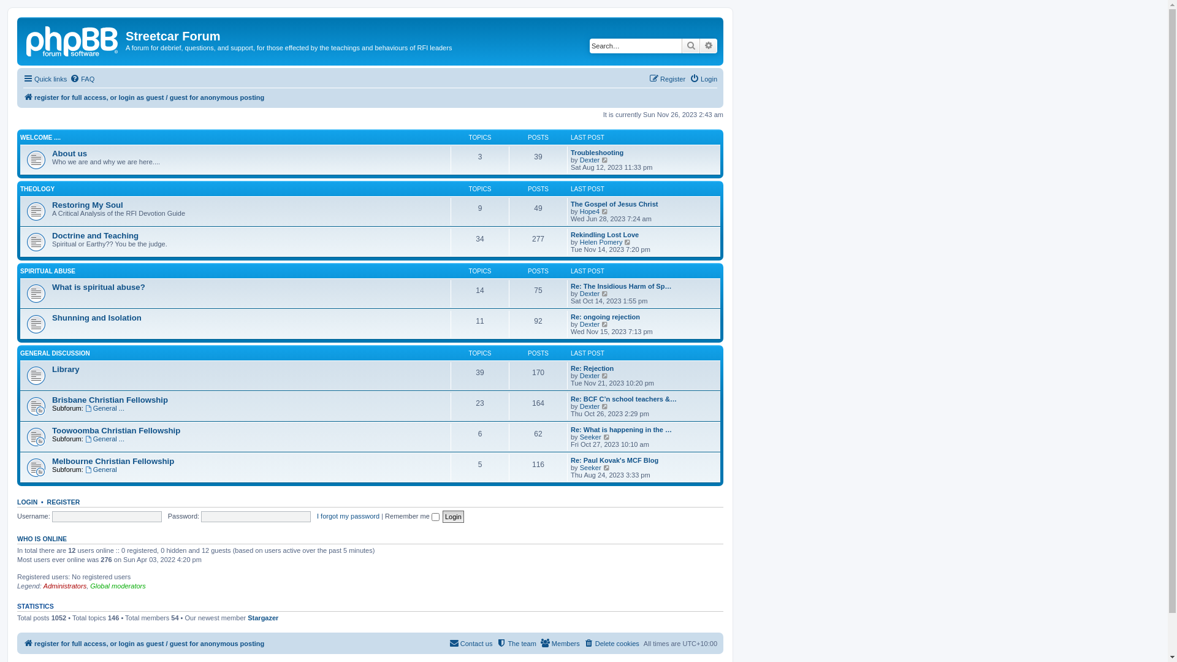 Image resolution: width=1177 pixels, height=662 pixels. Describe the element at coordinates (69, 153) in the screenshot. I see `'About us'` at that location.